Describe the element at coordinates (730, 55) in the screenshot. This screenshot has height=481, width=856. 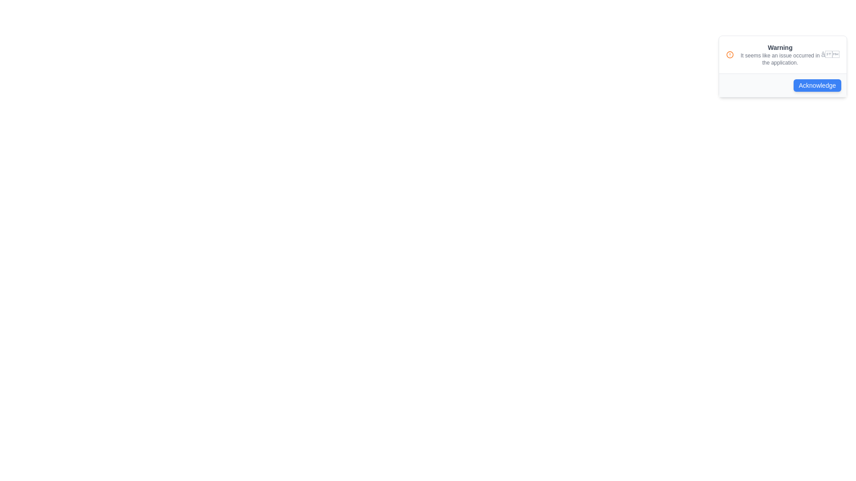
I see `the circular orange icon with an exclamation mark that is positioned to the left of the warning message` at that location.